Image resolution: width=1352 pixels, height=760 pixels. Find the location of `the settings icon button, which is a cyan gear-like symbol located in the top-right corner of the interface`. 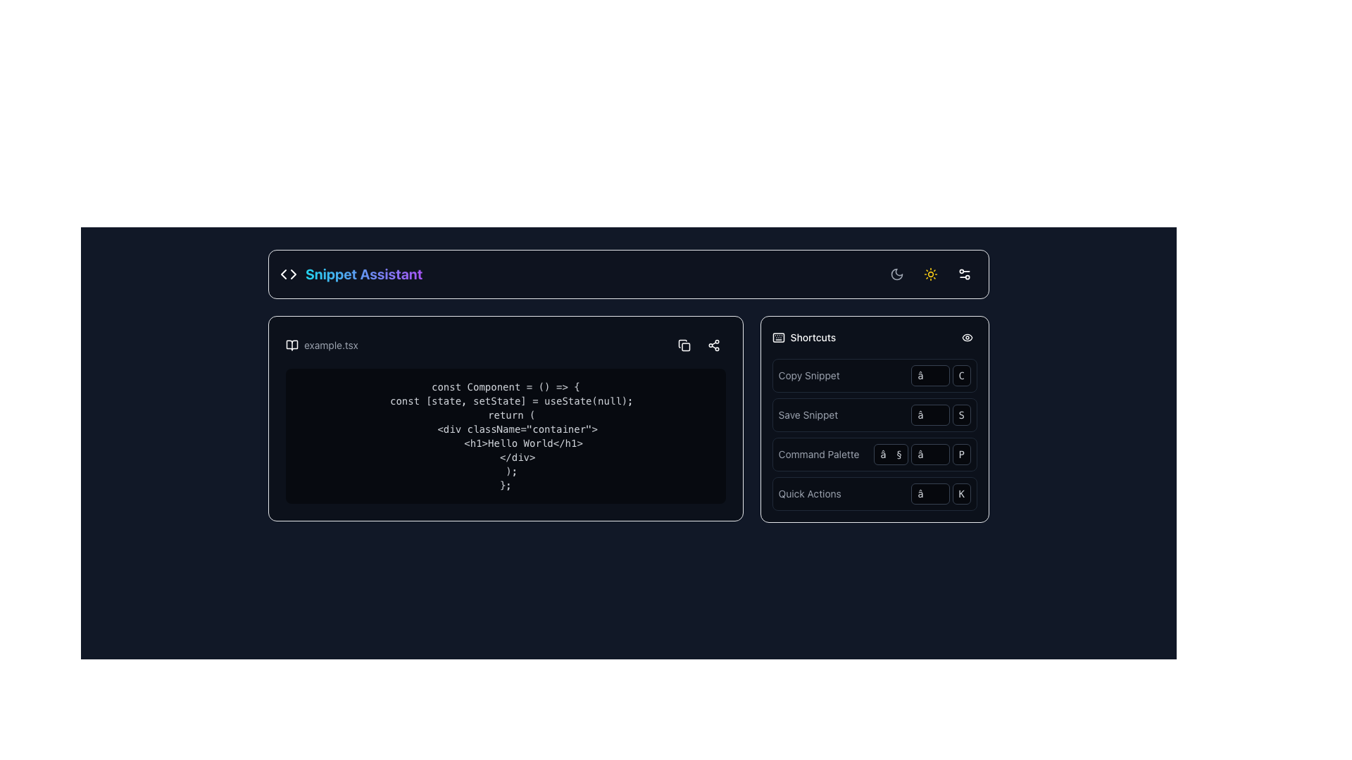

the settings icon button, which is a cyan gear-like symbol located in the top-right corner of the interface is located at coordinates (963, 274).